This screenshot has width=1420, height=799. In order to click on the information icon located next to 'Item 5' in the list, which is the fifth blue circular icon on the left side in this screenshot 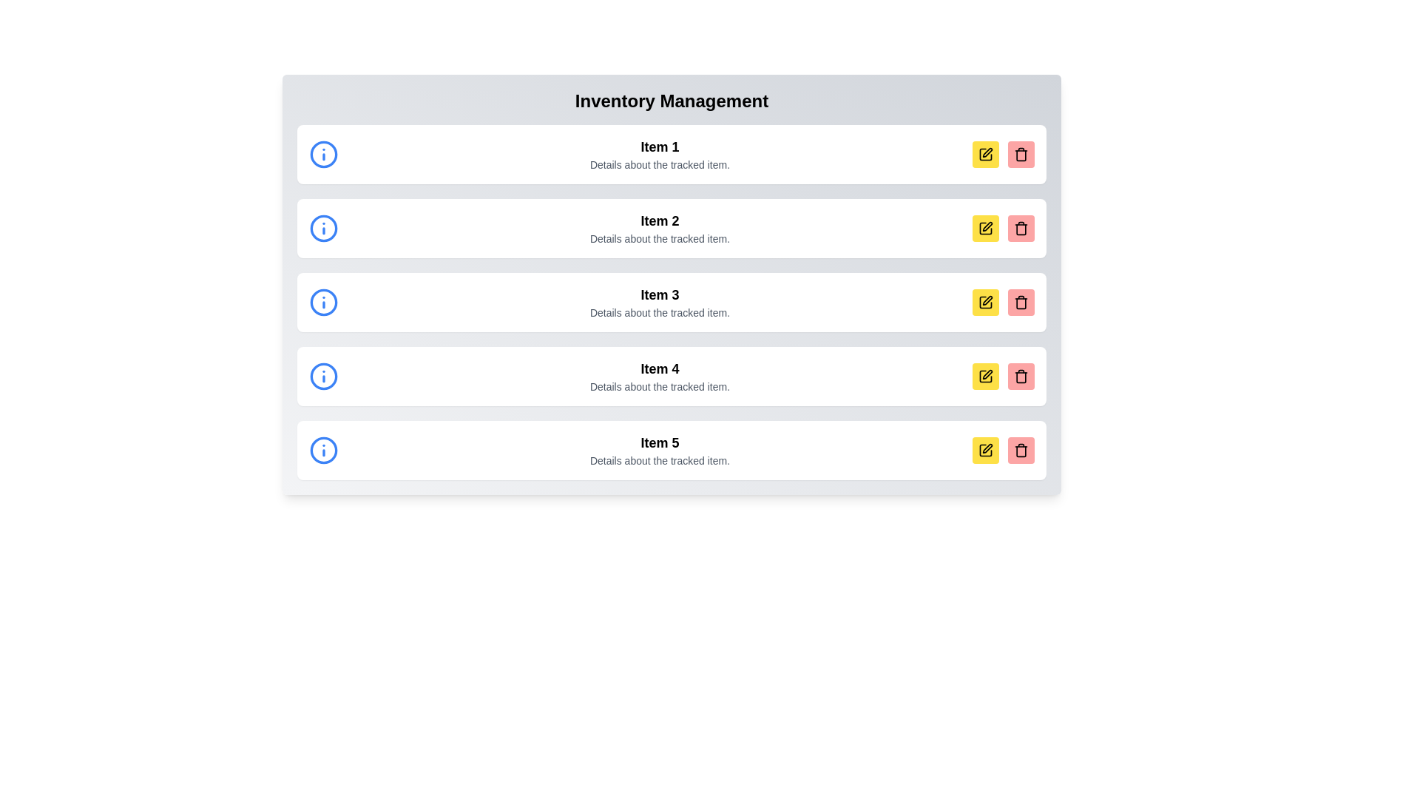, I will do `click(322, 450)`.